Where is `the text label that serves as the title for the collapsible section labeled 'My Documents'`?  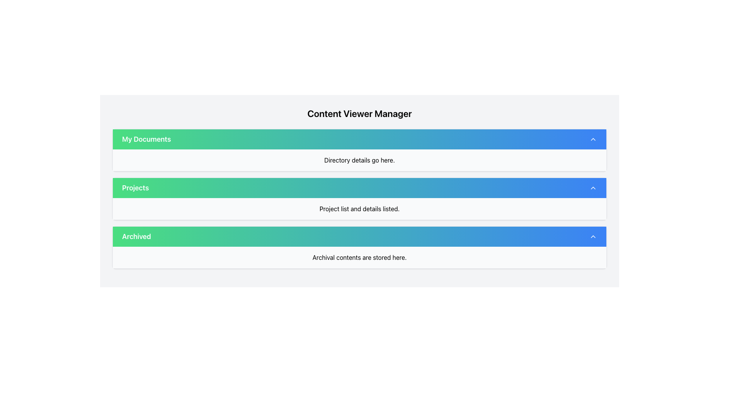 the text label that serves as the title for the collapsible section labeled 'My Documents' is located at coordinates (146, 139).